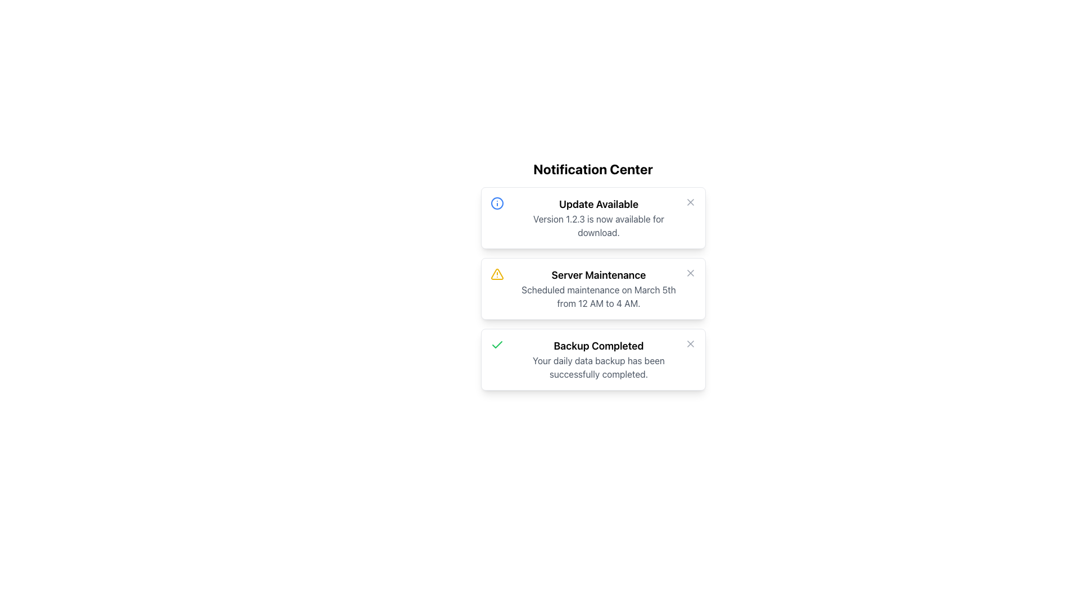  What do you see at coordinates (690, 273) in the screenshot?
I see `the close button located at the top-right corner of the 'Server Maintenance' notification card` at bounding box center [690, 273].